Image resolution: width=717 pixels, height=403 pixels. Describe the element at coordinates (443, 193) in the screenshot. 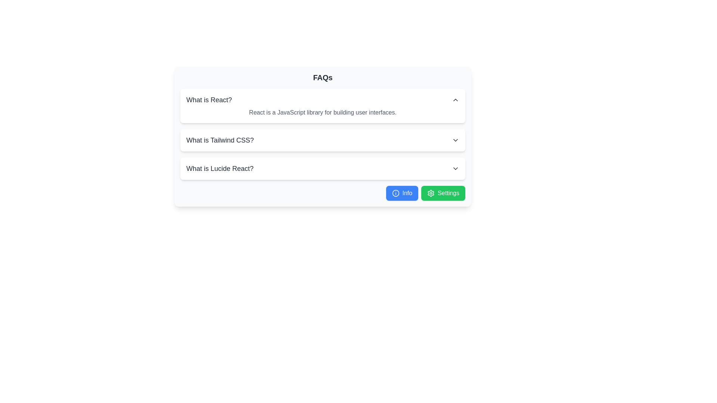

I see `the settings button located to the immediate right of the blue 'Info' button at the bottom-right corner of the interface to trigger its hover state` at that location.